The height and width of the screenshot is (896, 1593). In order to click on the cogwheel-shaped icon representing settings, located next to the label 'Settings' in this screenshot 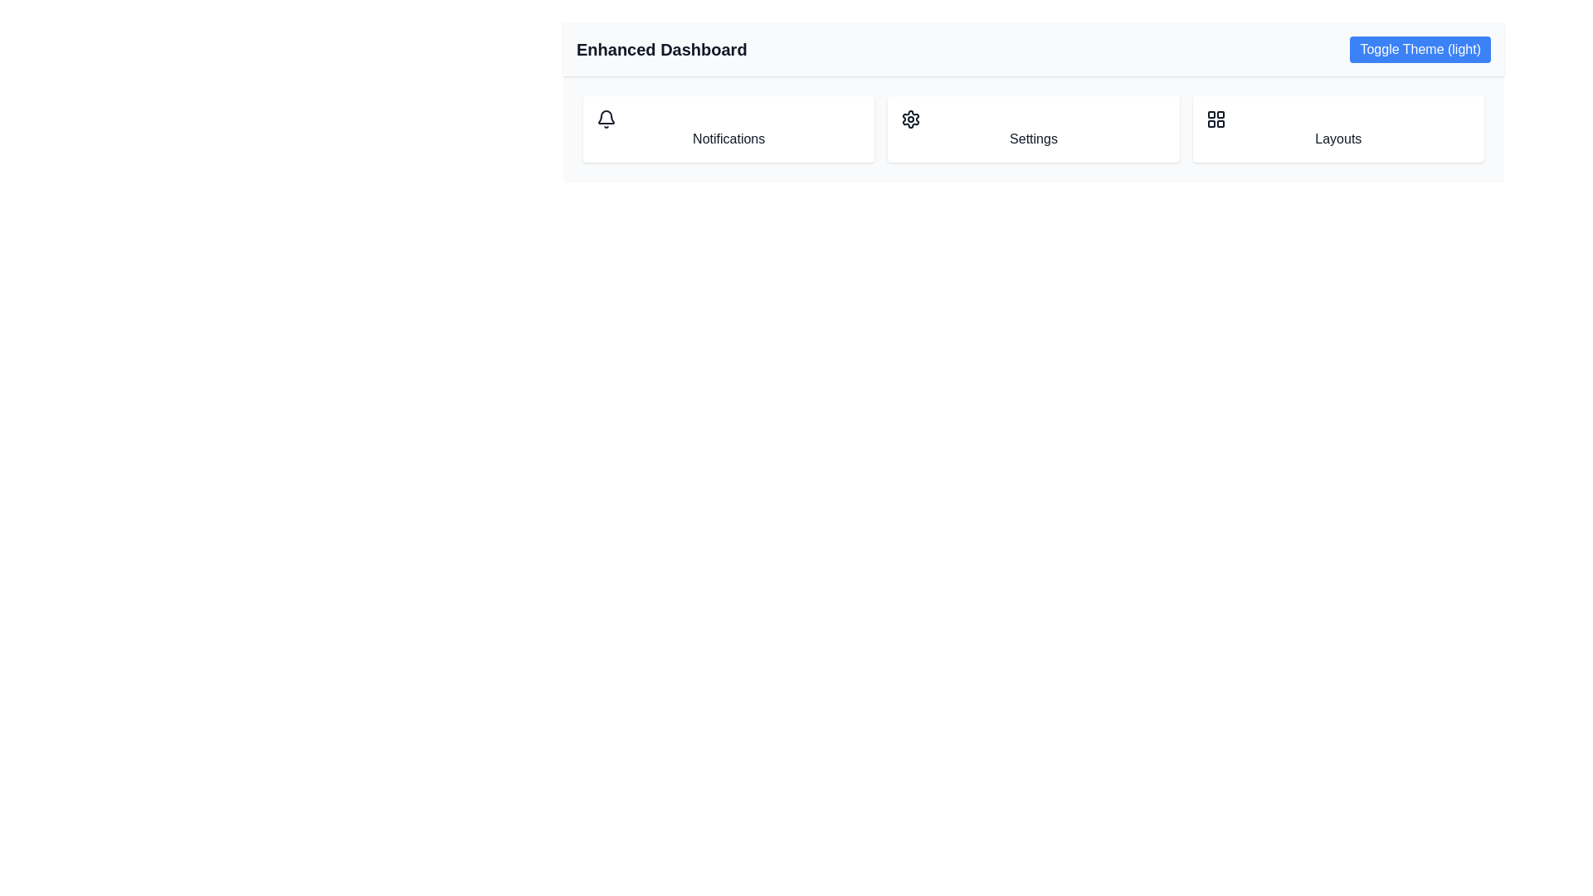, I will do `click(910, 118)`.